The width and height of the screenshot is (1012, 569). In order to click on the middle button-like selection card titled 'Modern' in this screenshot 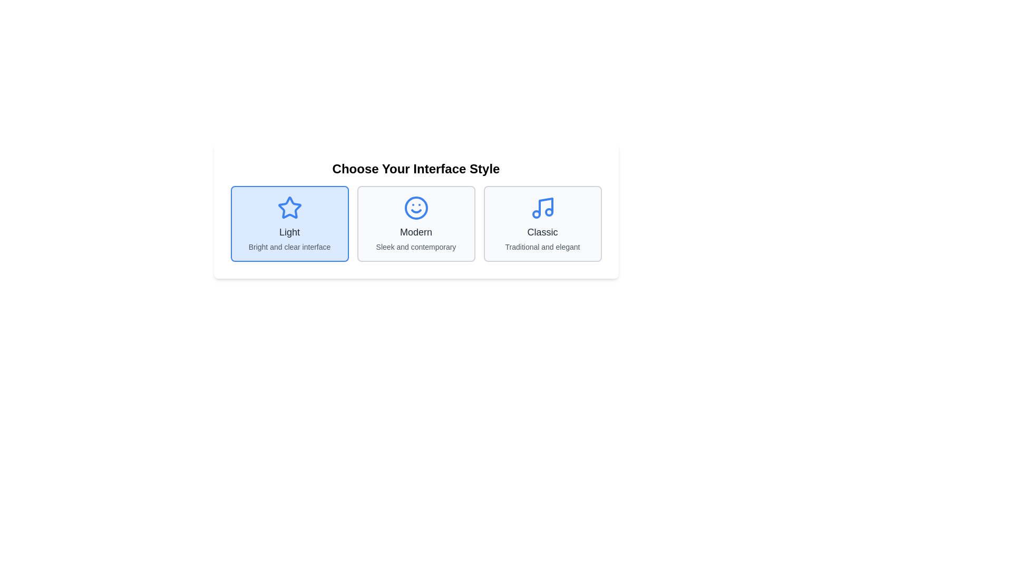, I will do `click(415, 223)`.